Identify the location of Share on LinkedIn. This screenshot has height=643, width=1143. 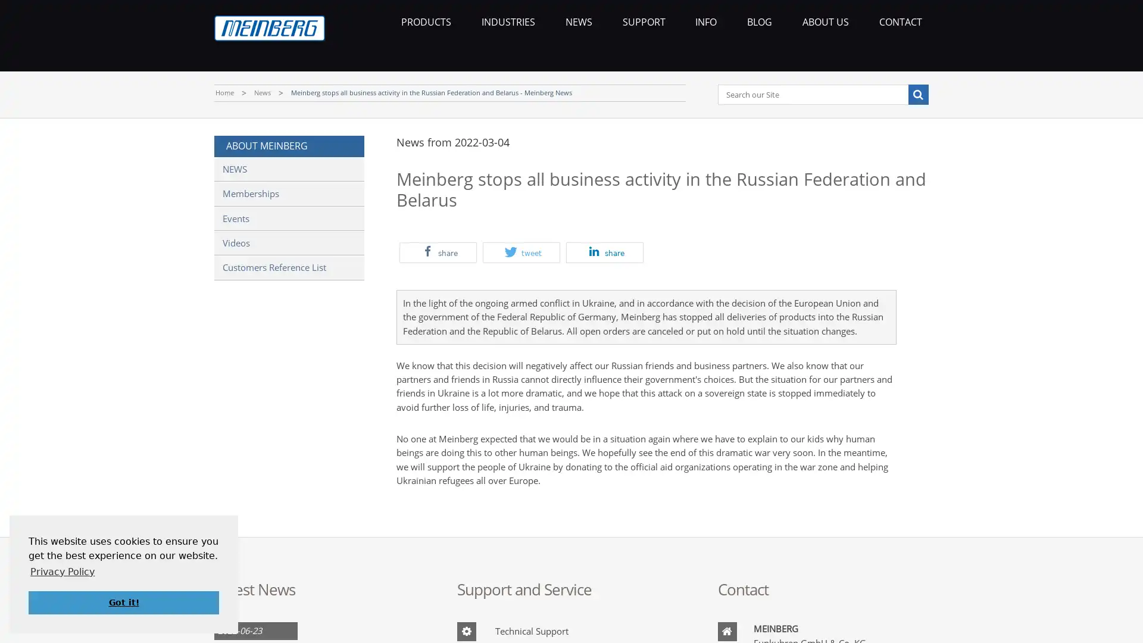
(605, 252).